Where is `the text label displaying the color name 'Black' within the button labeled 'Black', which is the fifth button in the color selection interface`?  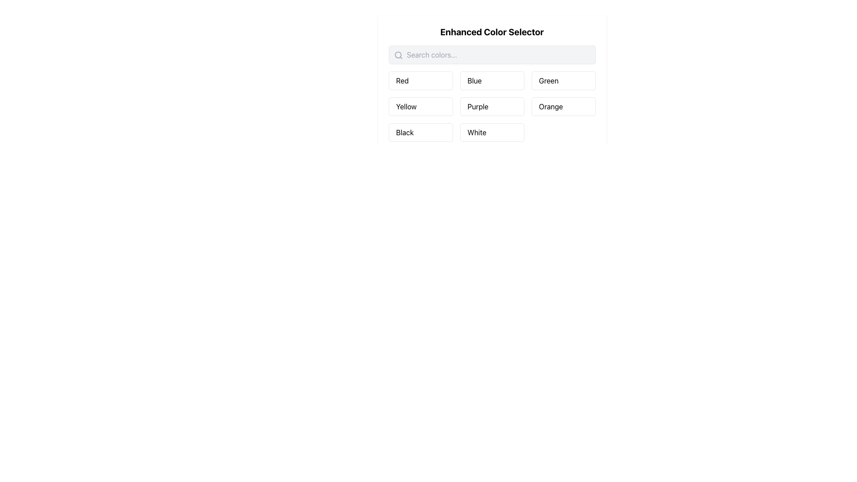 the text label displaying the color name 'Black' within the button labeled 'Black', which is the fifth button in the color selection interface is located at coordinates (404, 133).